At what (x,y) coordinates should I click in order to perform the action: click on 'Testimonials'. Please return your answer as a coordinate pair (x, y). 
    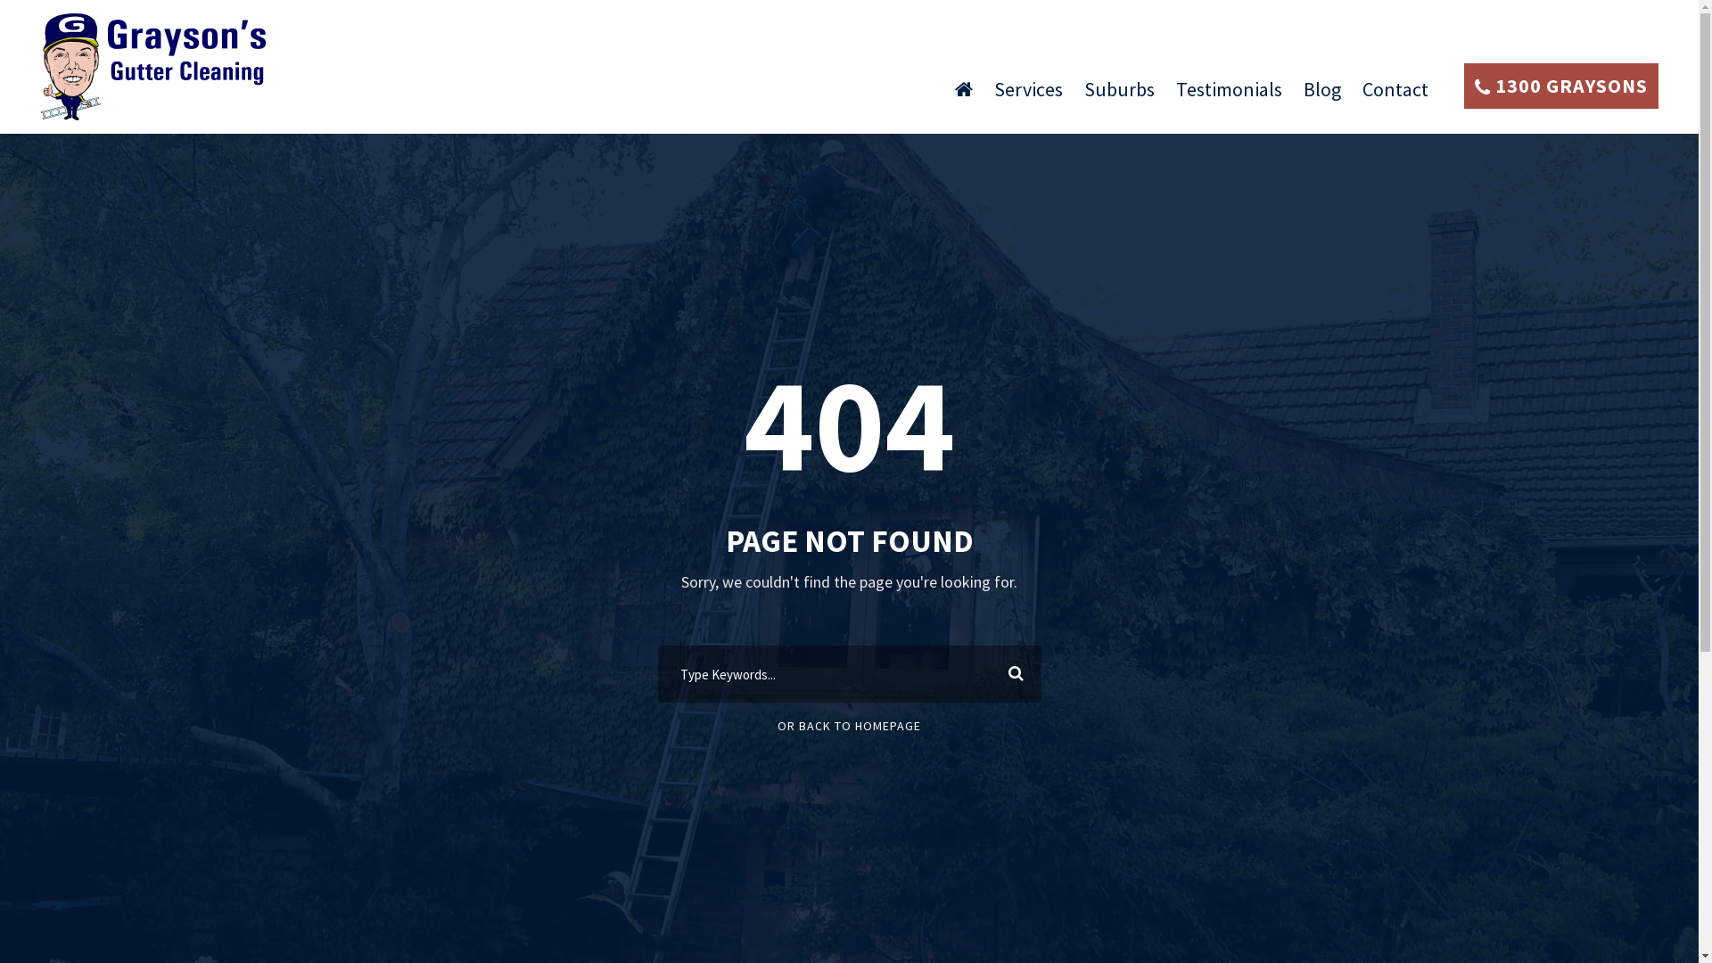
    Looking at the image, I should click on (1176, 96).